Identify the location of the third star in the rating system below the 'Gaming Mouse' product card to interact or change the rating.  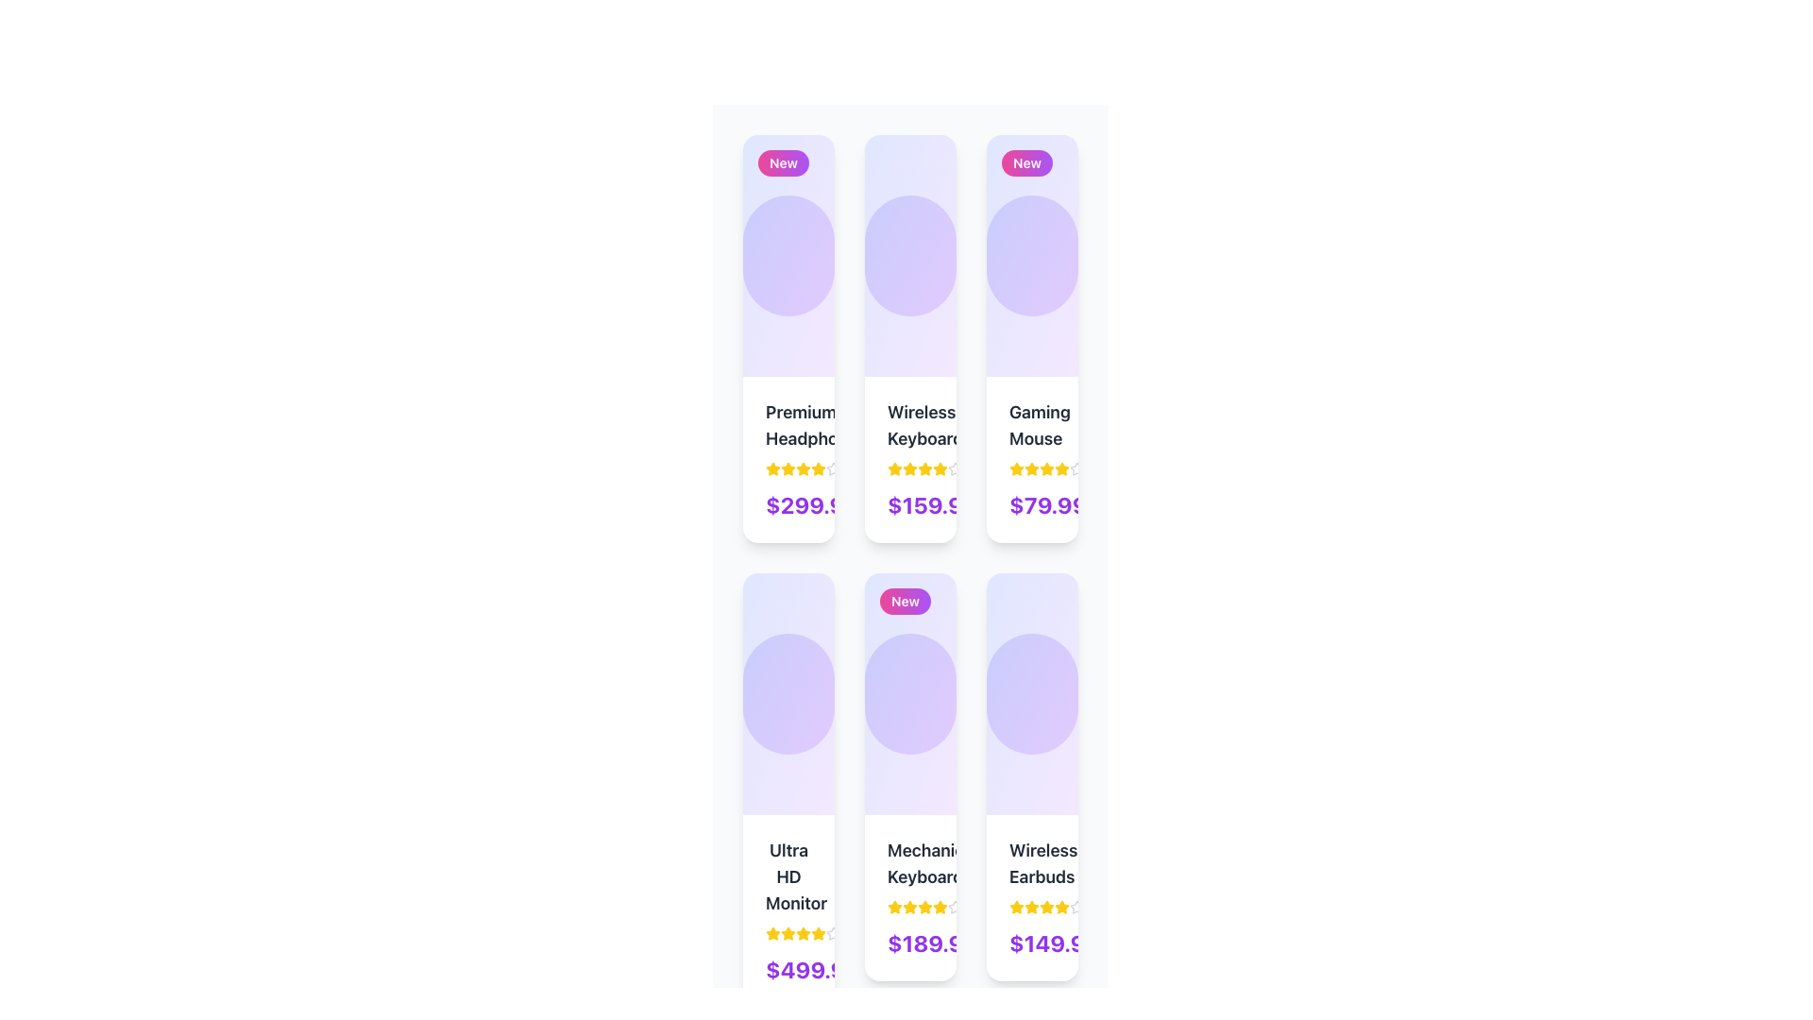
(1029, 467).